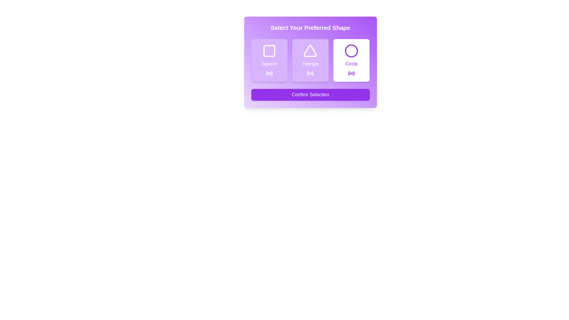  What do you see at coordinates (351, 64) in the screenshot?
I see `the text label displaying 'Circle' in purple font, located underneath the circle icon in the third group of shape selection options` at bounding box center [351, 64].